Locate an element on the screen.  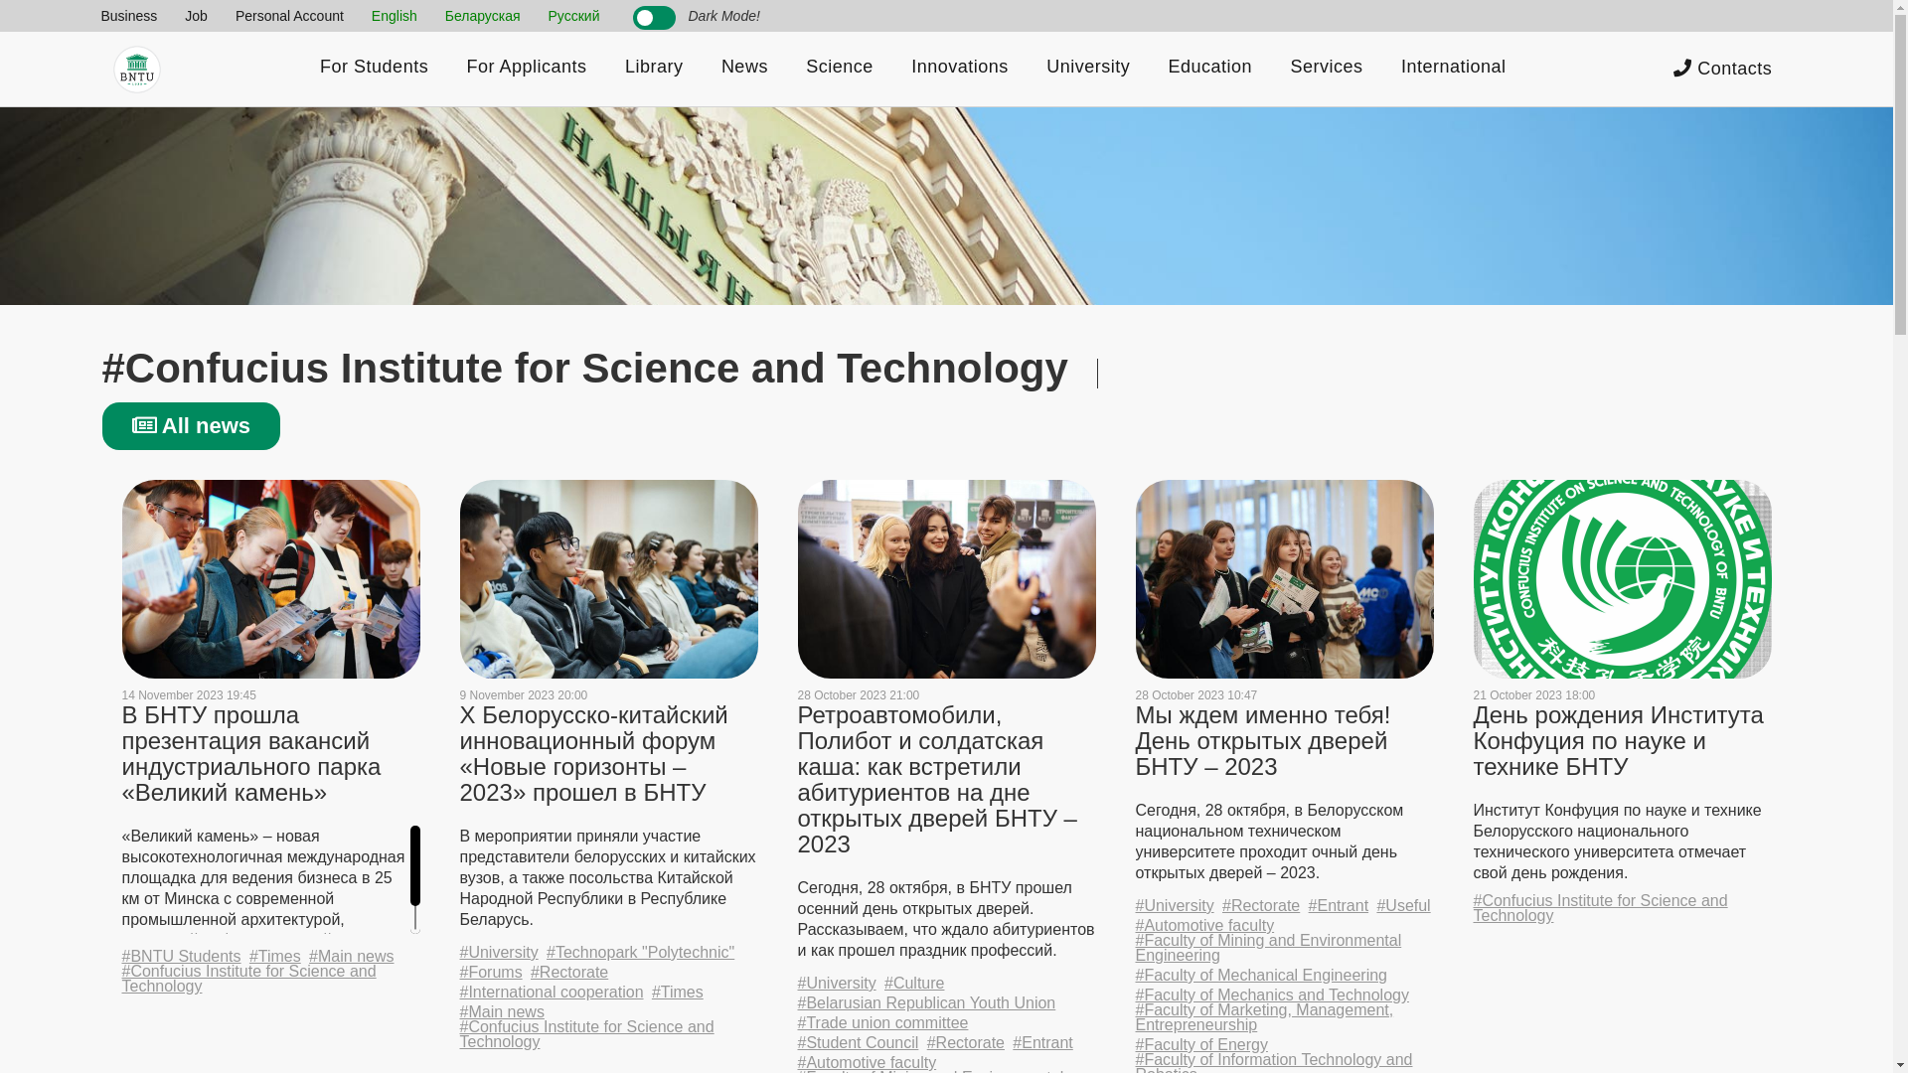
'#Culture' is located at coordinates (913, 982).